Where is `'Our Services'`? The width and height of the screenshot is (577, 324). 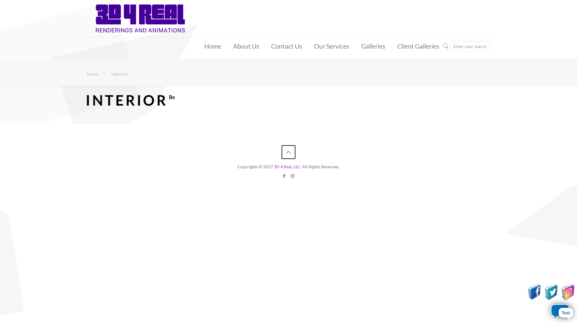
'Our Services' is located at coordinates (331, 46).